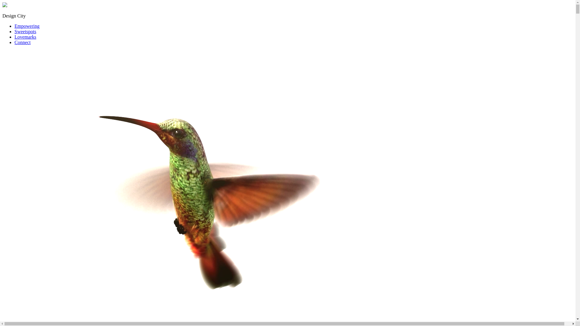  I want to click on 'Empowering', so click(27, 26).